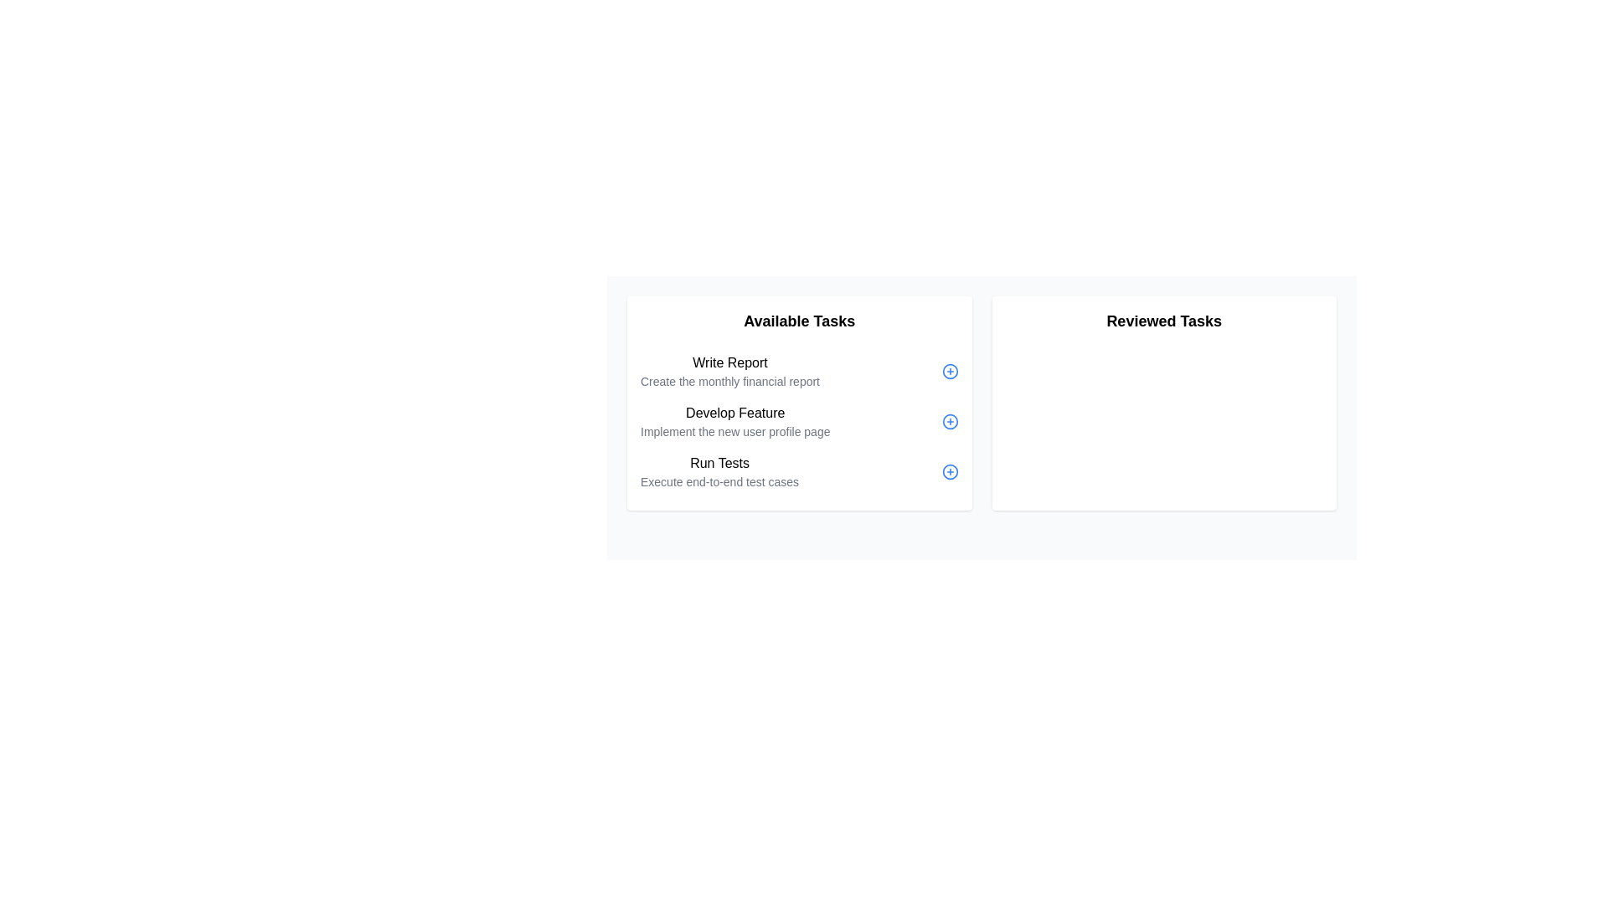 This screenshot has width=1608, height=904. What do you see at coordinates (950, 421) in the screenshot?
I see `the blue plus icon button inside a circular border` at bounding box center [950, 421].